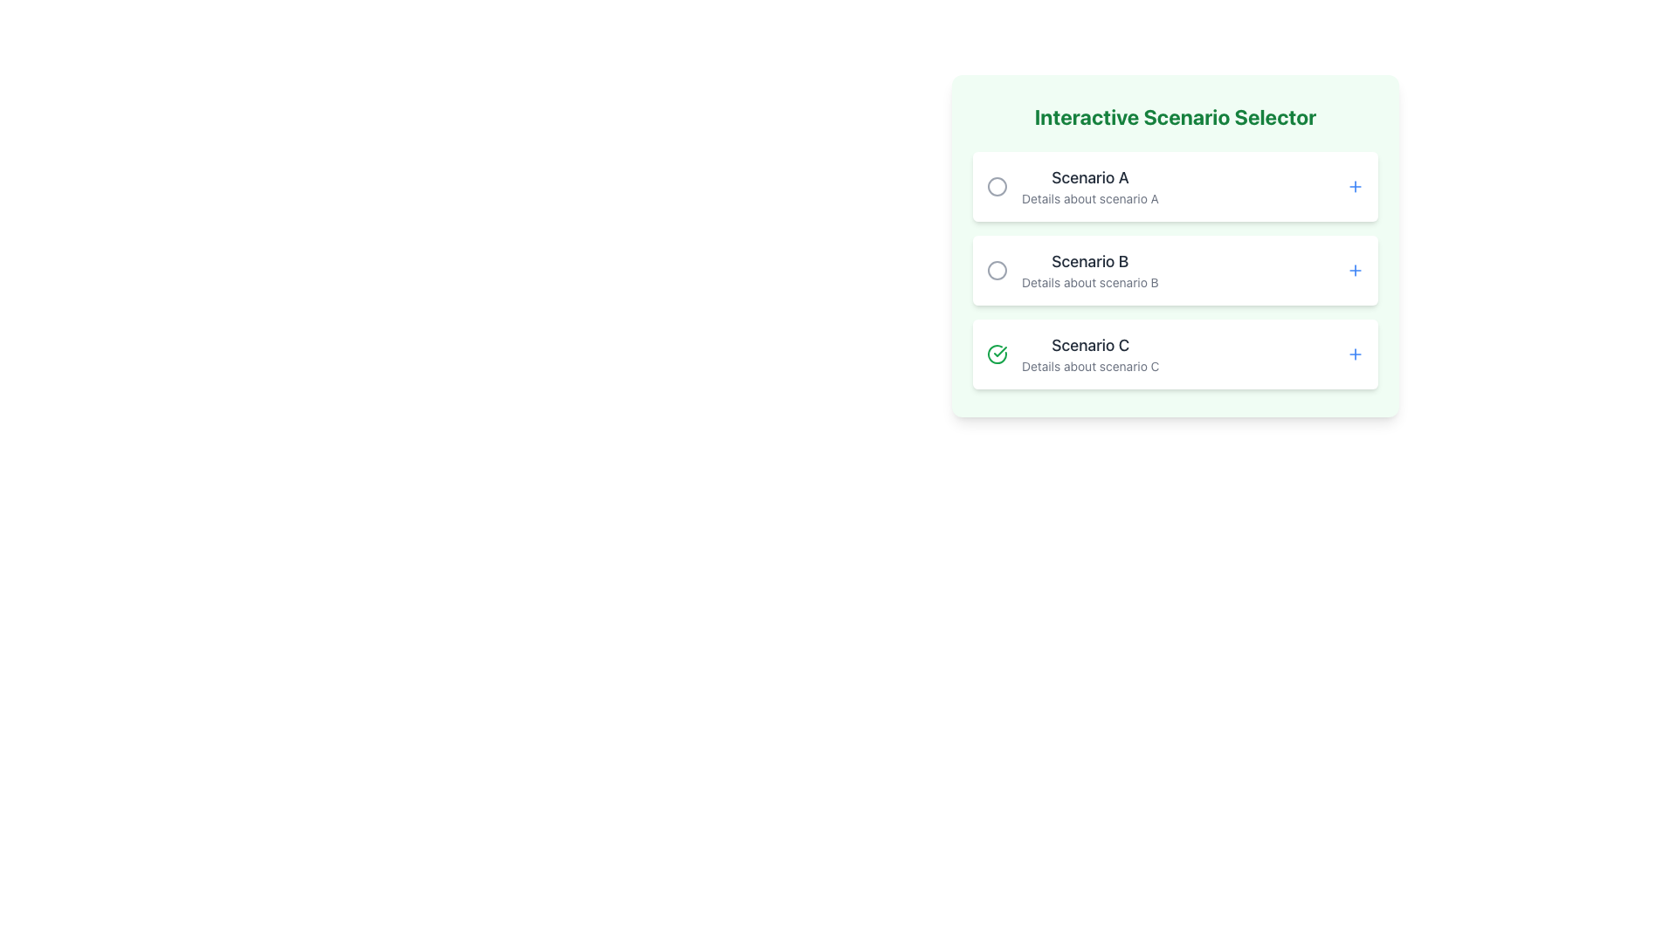 Image resolution: width=1677 pixels, height=943 pixels. I want to click on the radio button located to the left of the text 'Scenario B', so click(997, 270).